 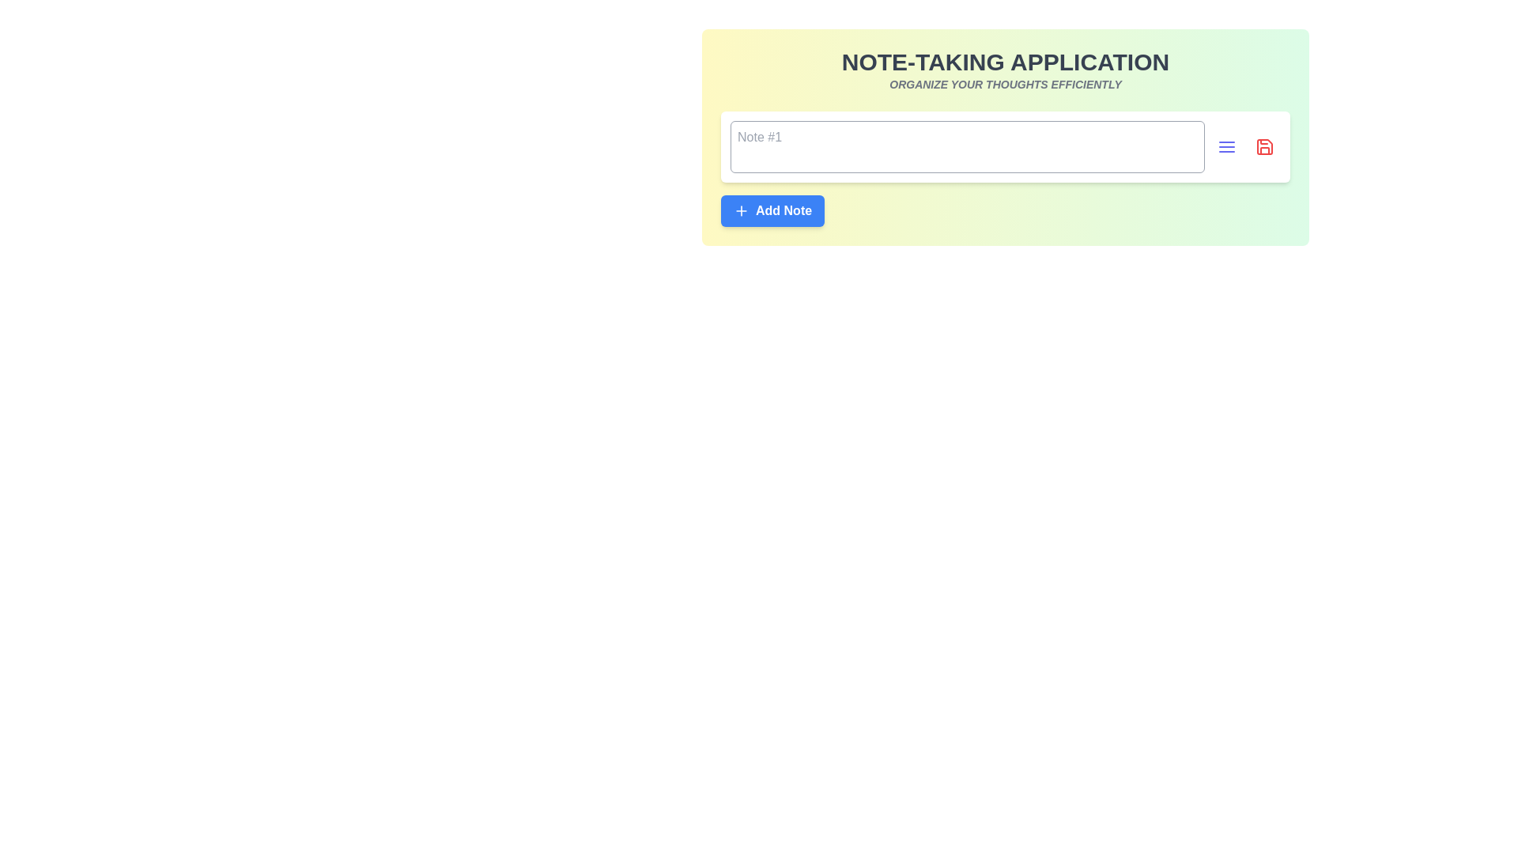 What do you see at coordinates (1005, 85) in the screenshot?
I see `text label located just below the 'NOTE-TAKING APPLICATION' heading to gather contextual information about the application` at bounding box center [1005, 85].